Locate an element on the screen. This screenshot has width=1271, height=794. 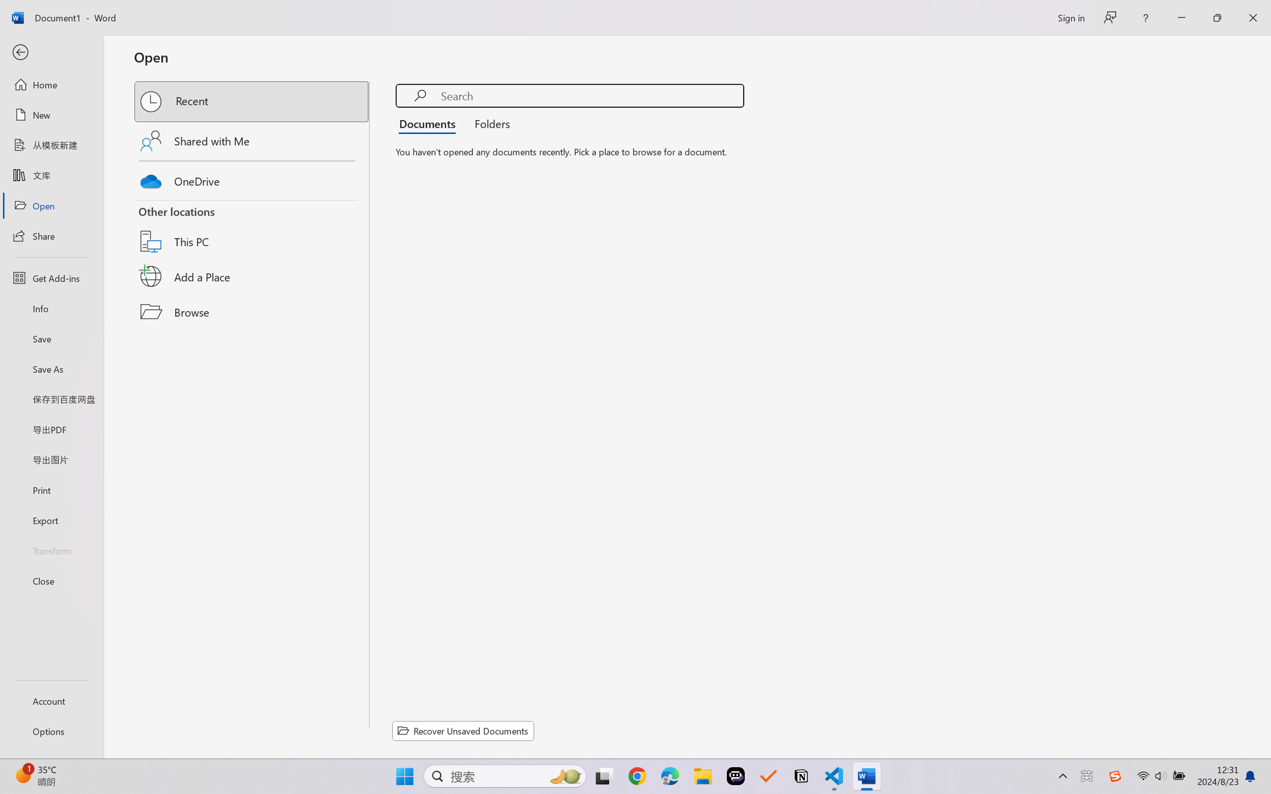
'OneDrive' is located at coordinates (252, 179).